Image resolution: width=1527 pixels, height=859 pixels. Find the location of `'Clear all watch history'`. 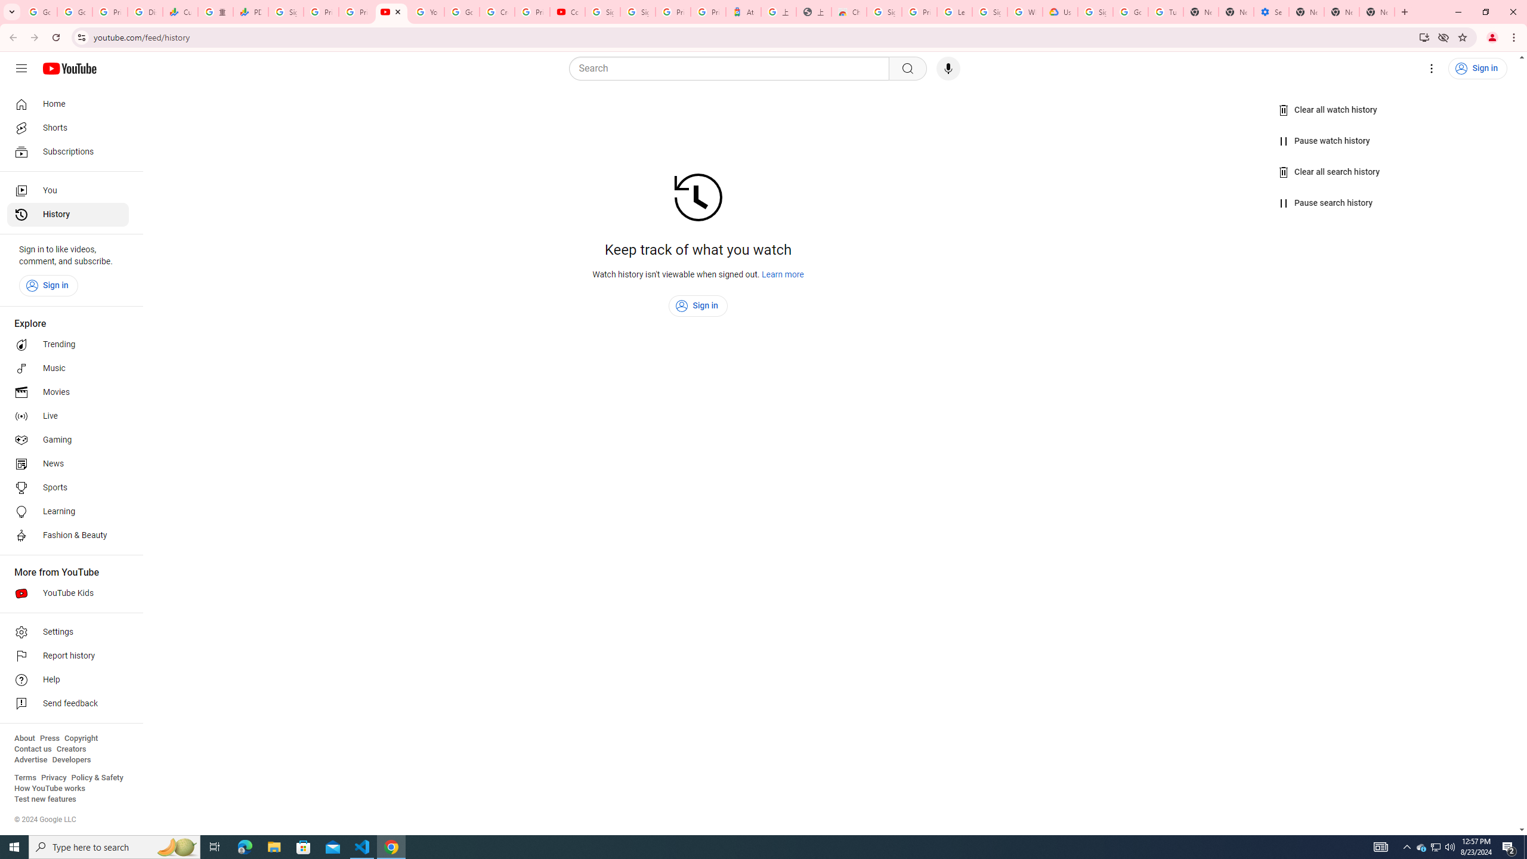

'Clear all watch history' is located at coordinates (1328, 110).